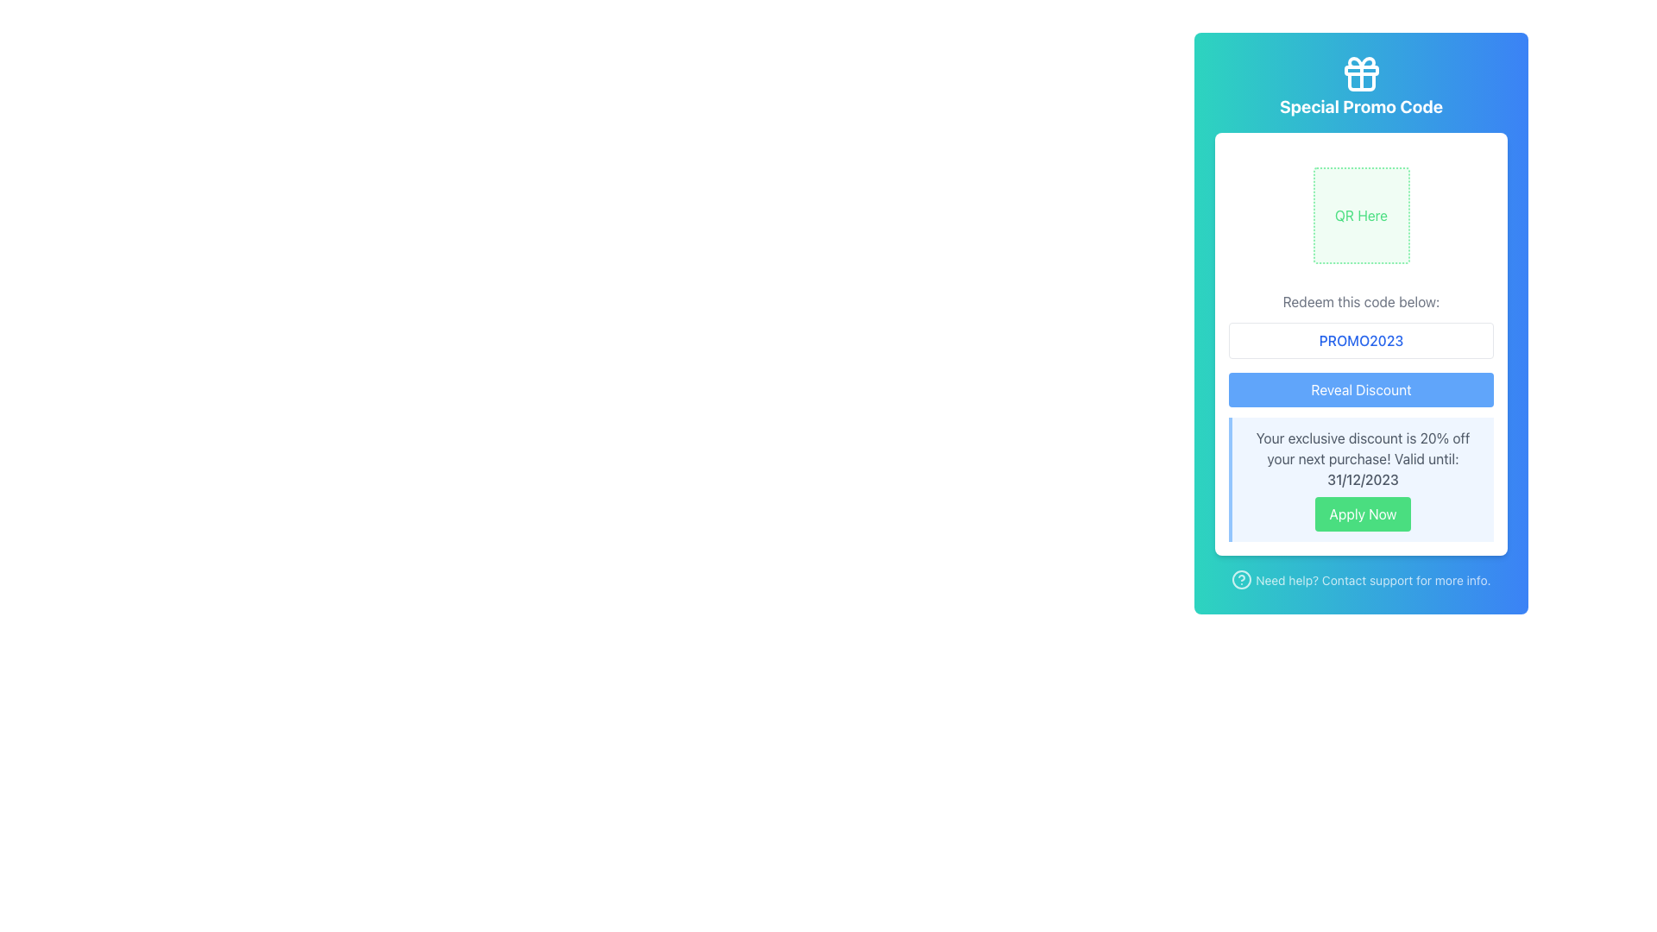 This screenshot has height=932, width=1657. Describe the element at coordinates (1360, 479) in the screenshot. I see `the actionable button within the Promotional Message Box which has a light blue background and is located directly above the 'Apply Now' button` at that location.